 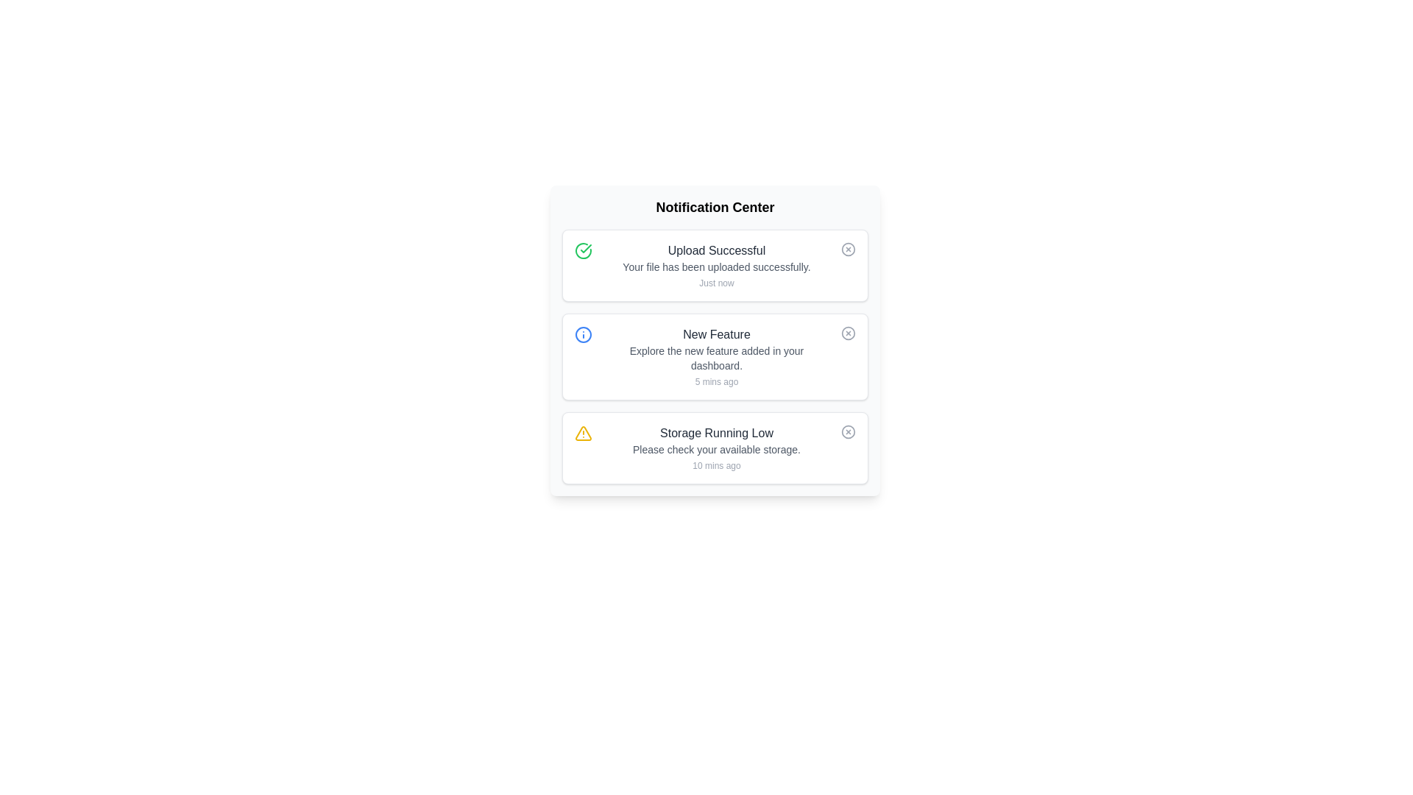 What do you see at coordinates (717, 448) in the screenshot?
I see `text label that provides additional context regarding storage status, positioned below the title in the 'Storage Running Low' notification card` at bounding box center [717, 448].